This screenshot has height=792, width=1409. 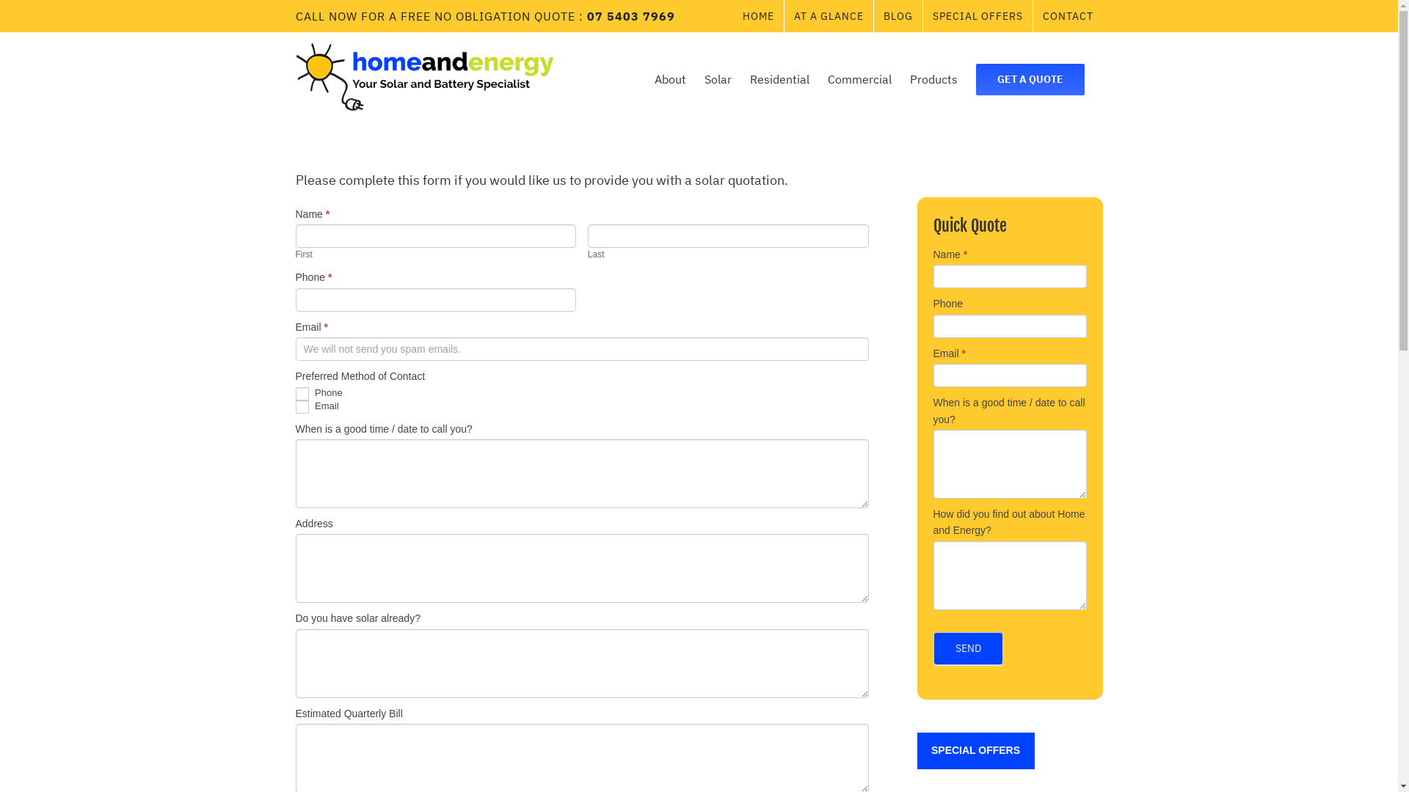 I want to click on 'CONTACT', so click(x=1068, y=16).